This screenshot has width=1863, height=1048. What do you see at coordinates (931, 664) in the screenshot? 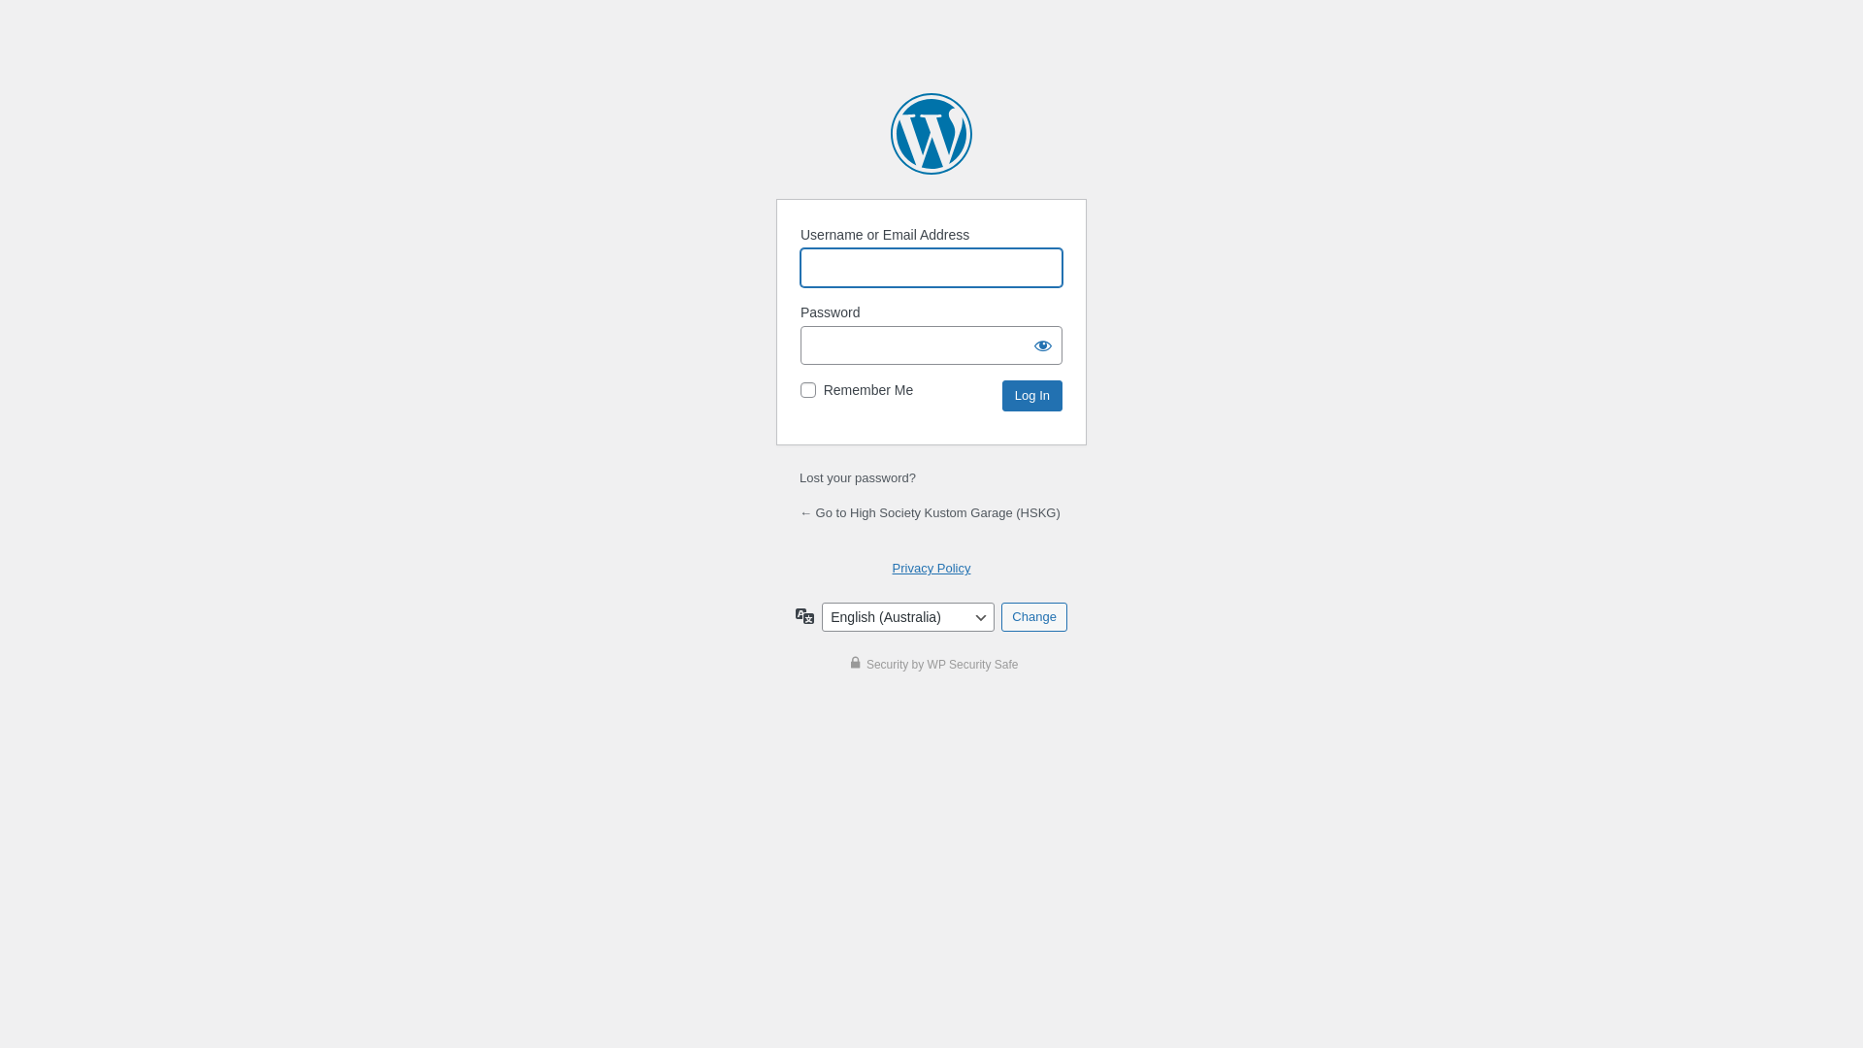
I see `'Security by WP Security Safe'` at bounding box center [931, 664].